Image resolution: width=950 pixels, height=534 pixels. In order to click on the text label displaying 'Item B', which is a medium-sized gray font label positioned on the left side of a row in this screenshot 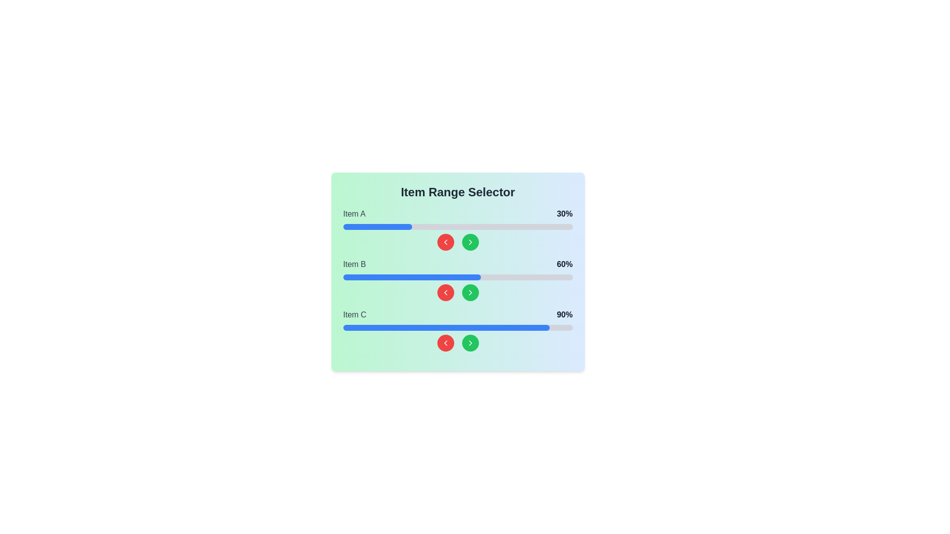, I will do `click(354, 264)`.